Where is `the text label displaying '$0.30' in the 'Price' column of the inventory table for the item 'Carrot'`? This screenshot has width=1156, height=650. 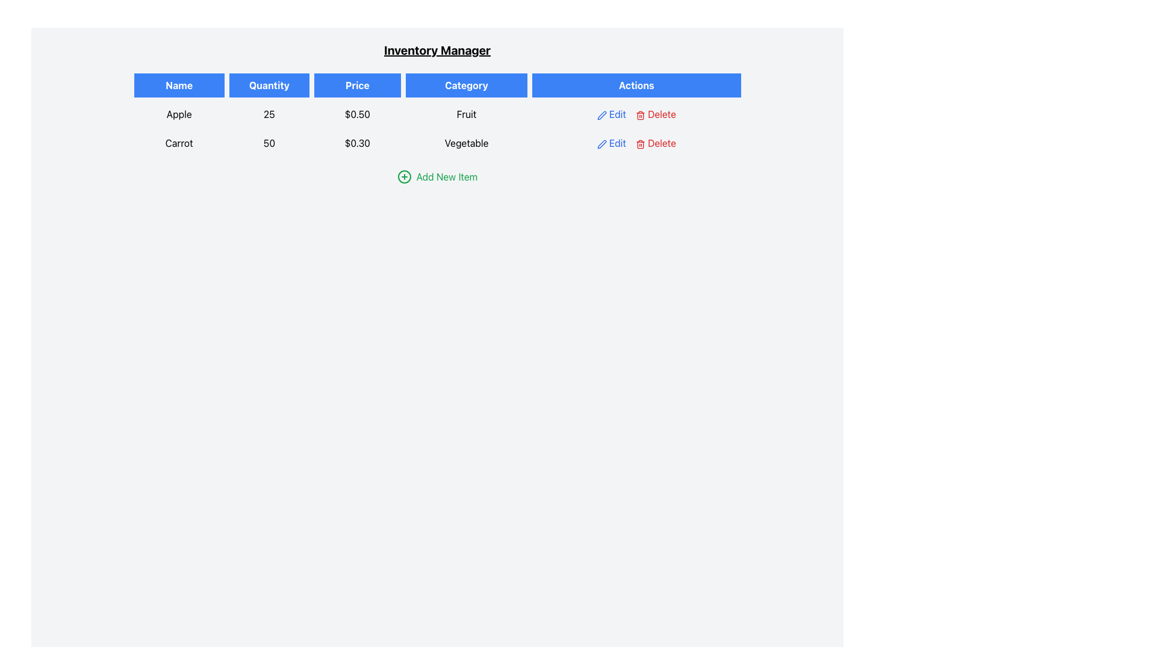 the text label displaying '$0.30' in the 'Price' column of the inventory table for the item 'Carrot' is located at coordinates (356, 143).